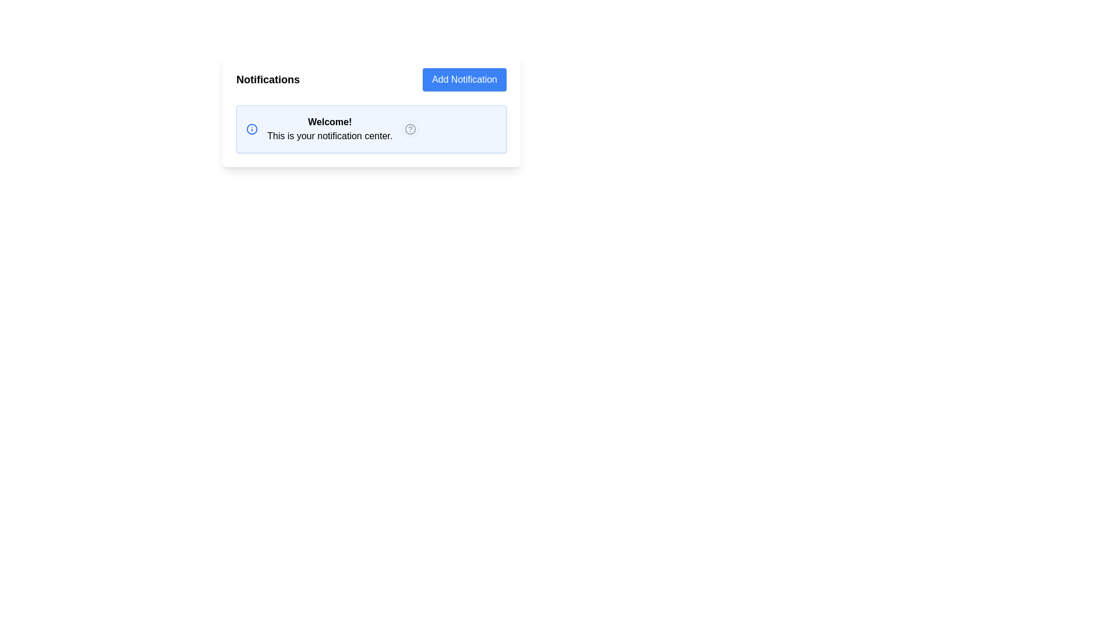 Image resolution: width=1118 pixels, height=629 pixels. I want to click on the circular icon with a question mark symbol located in the top-right corner of the notification box to observe a style change, so click(411, 129).